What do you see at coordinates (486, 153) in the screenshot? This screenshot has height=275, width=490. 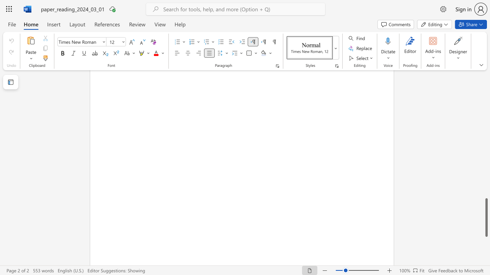 I see `the scrollbar on the right to shift the page higher` at bounding box center [486, 153].